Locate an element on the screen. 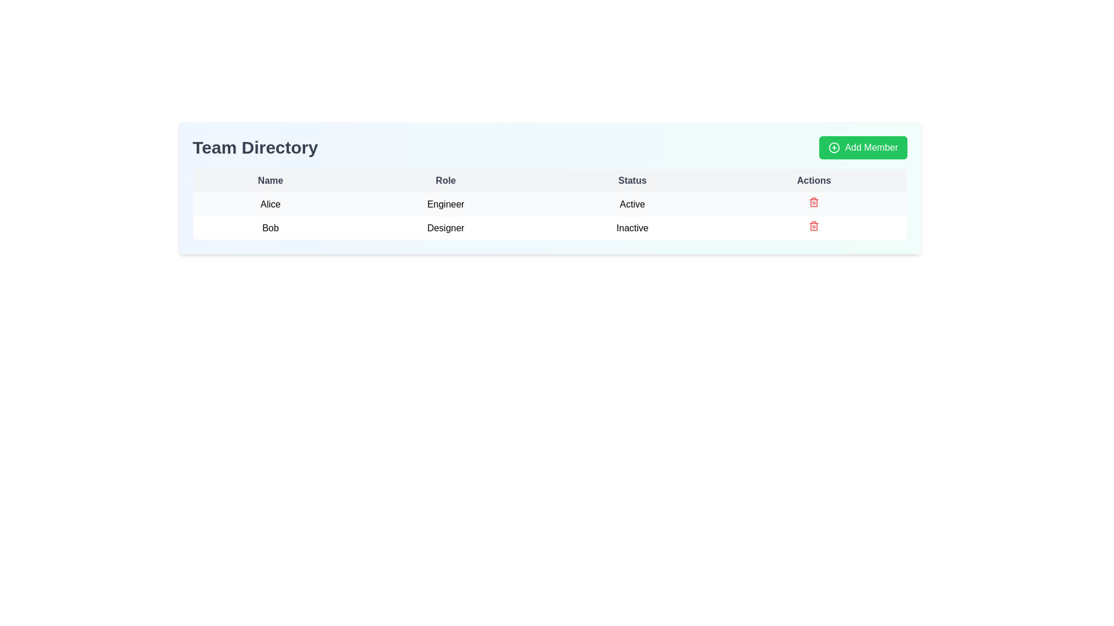 The image size is (1114, 626). the trash bin icon button located in the last cell of the first row under the 'Actions' column, corresponding to the row for 'Alice' and 'Engineer' is located at coordinates (813, 203).